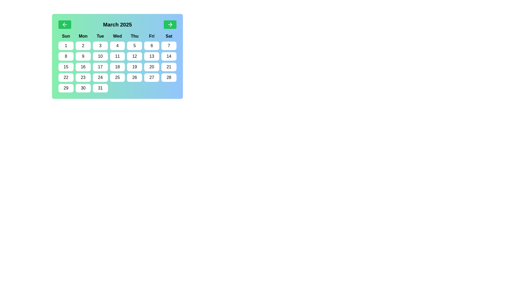 The width and height of the screenshot is (508, 286). Describe the element at coordinates (100, 56) in the screenshot. I see `the button labeled '10' with a white background located` at that location.